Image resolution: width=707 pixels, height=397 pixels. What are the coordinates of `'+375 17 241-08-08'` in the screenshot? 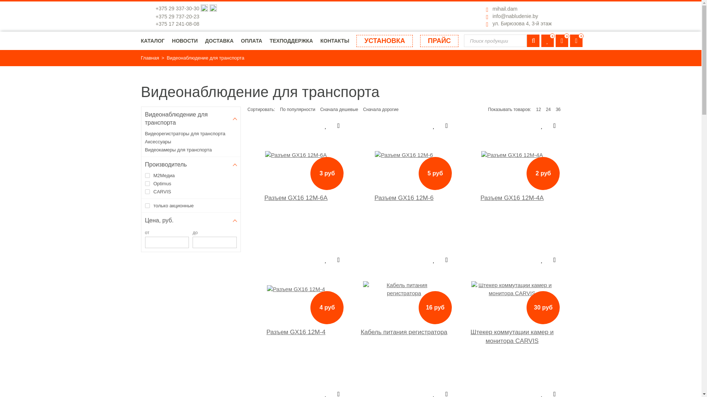 It's located at (155, 24).